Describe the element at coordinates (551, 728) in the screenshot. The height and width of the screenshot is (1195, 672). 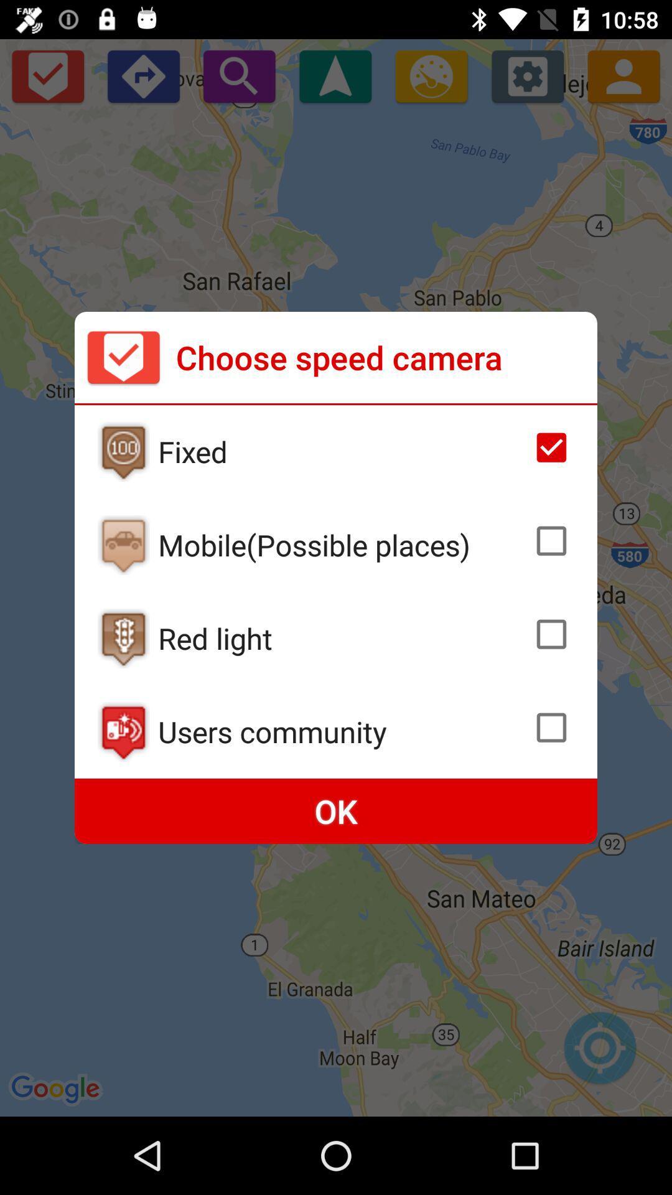
I see `select camer speed` at that location.